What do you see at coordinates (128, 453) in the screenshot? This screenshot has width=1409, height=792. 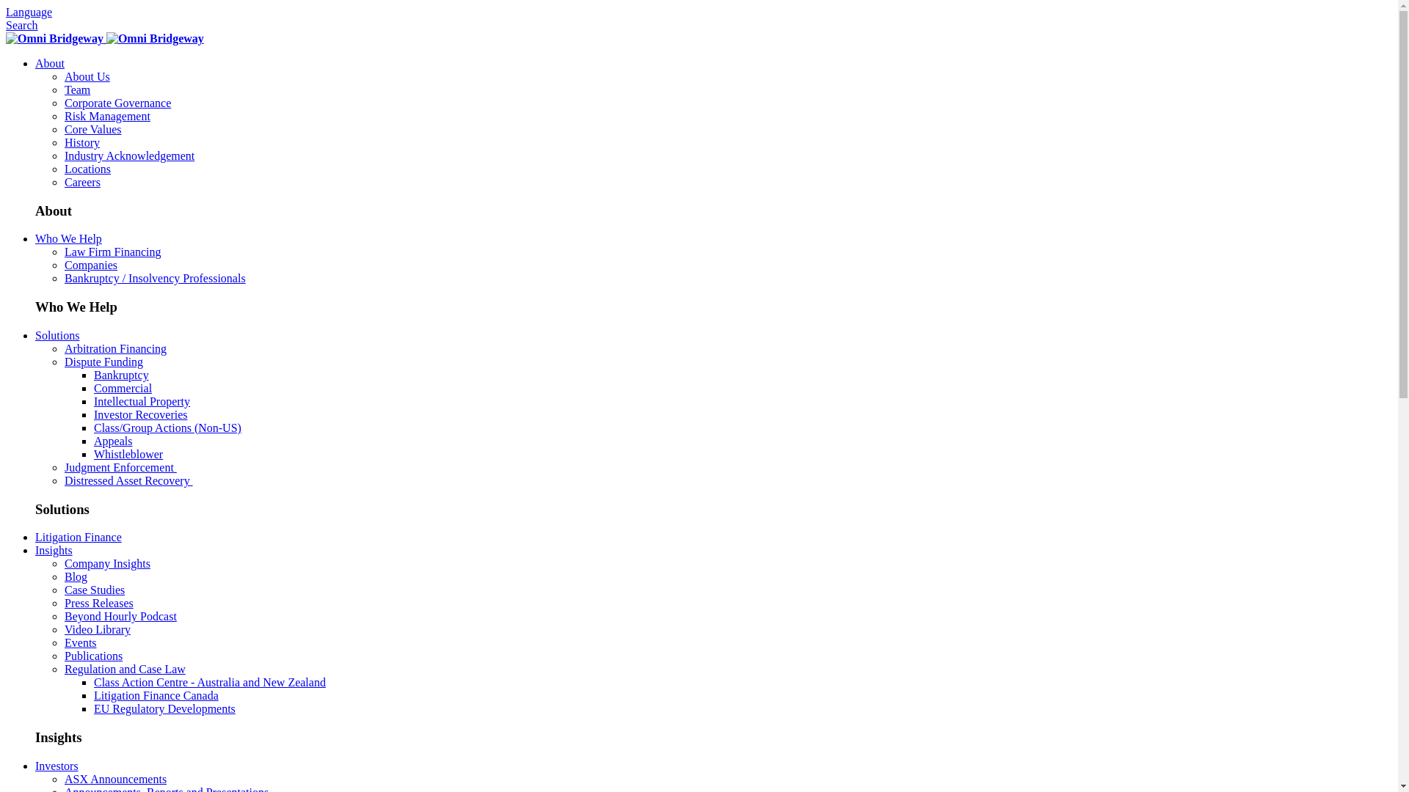 I see `'Whistleblower'` at bounding box center [128, 453].